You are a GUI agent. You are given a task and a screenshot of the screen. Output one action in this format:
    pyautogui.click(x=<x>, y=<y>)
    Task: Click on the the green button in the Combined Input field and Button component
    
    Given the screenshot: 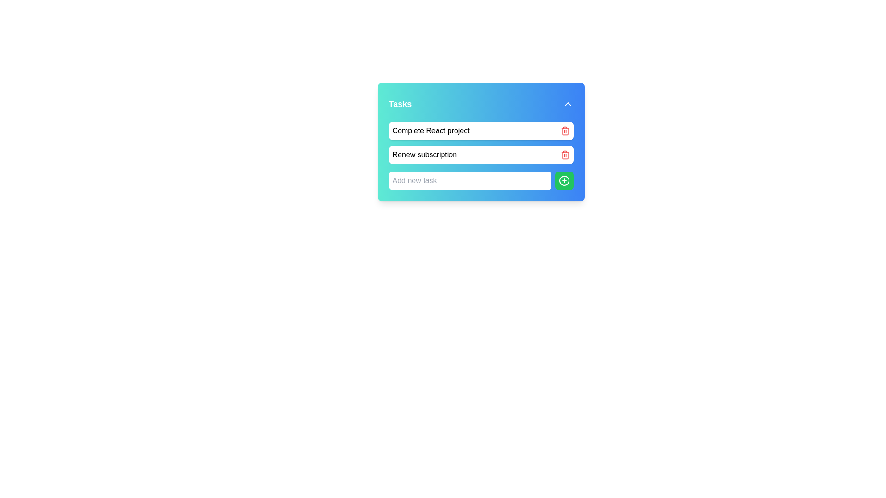 What is the action you would take?
    pyautogui.click(x=480, y=181)
    